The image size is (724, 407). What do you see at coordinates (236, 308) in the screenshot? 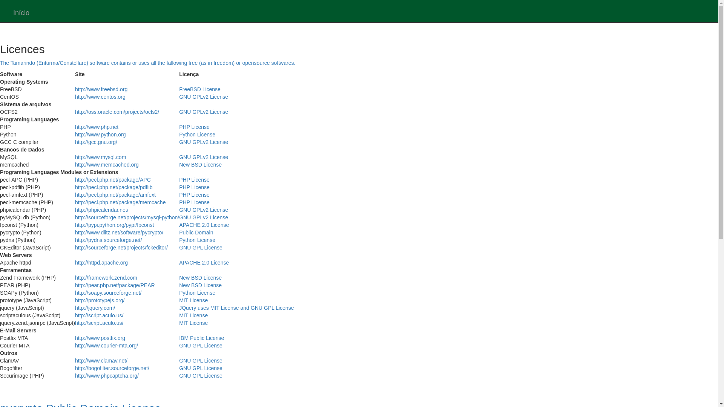
I see `'JQuery uses MIT License and GNU GPL License'` at bounding box center [236, 308].